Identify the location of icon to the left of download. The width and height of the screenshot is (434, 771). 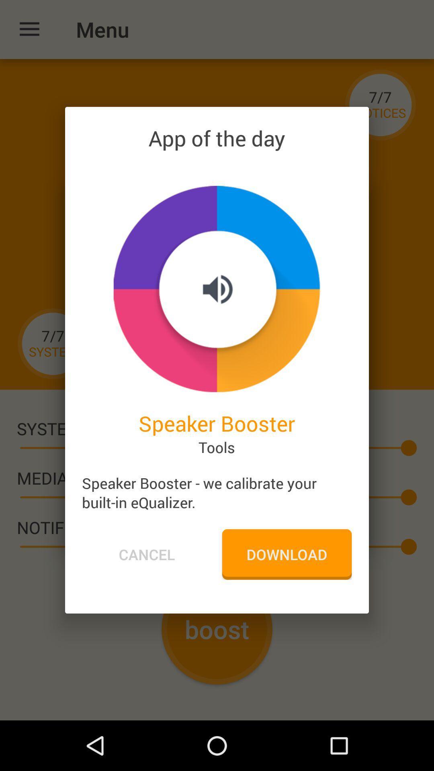
(147, 554).